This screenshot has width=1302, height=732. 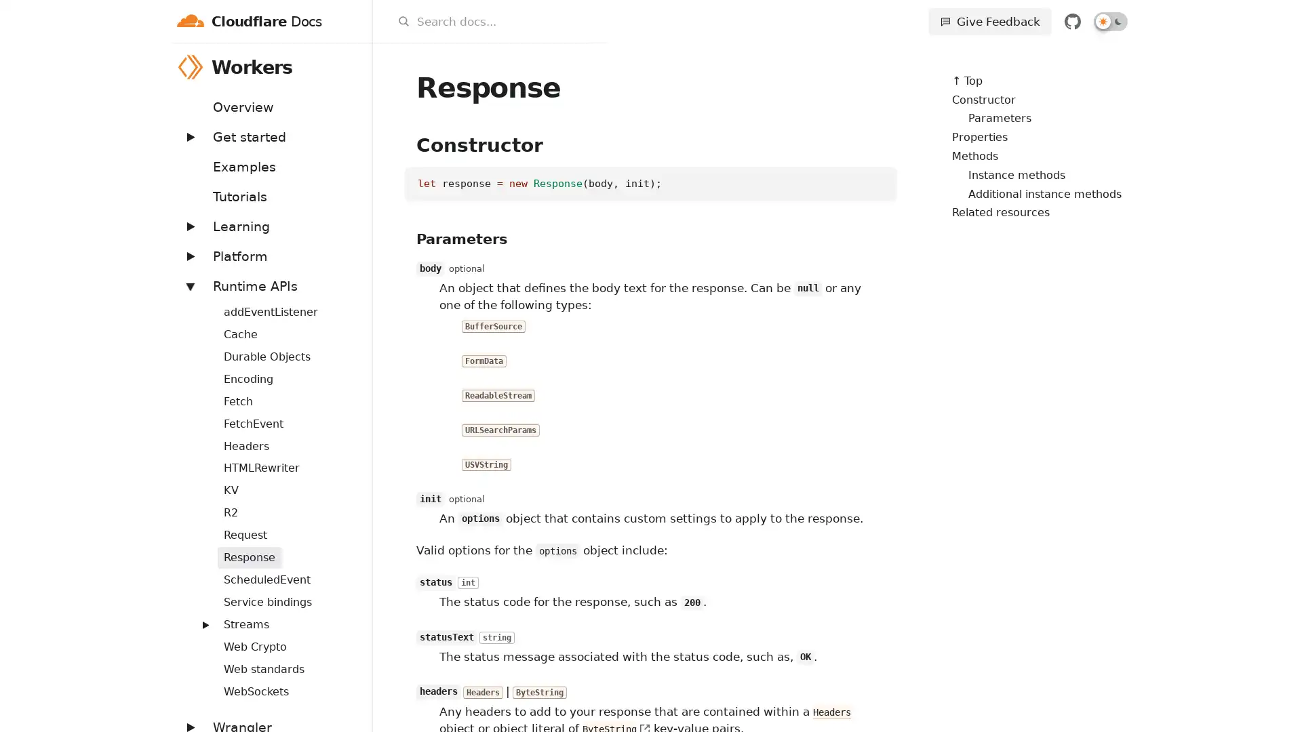 I want to click on Expand: Learning, so click(x=189, y=225).